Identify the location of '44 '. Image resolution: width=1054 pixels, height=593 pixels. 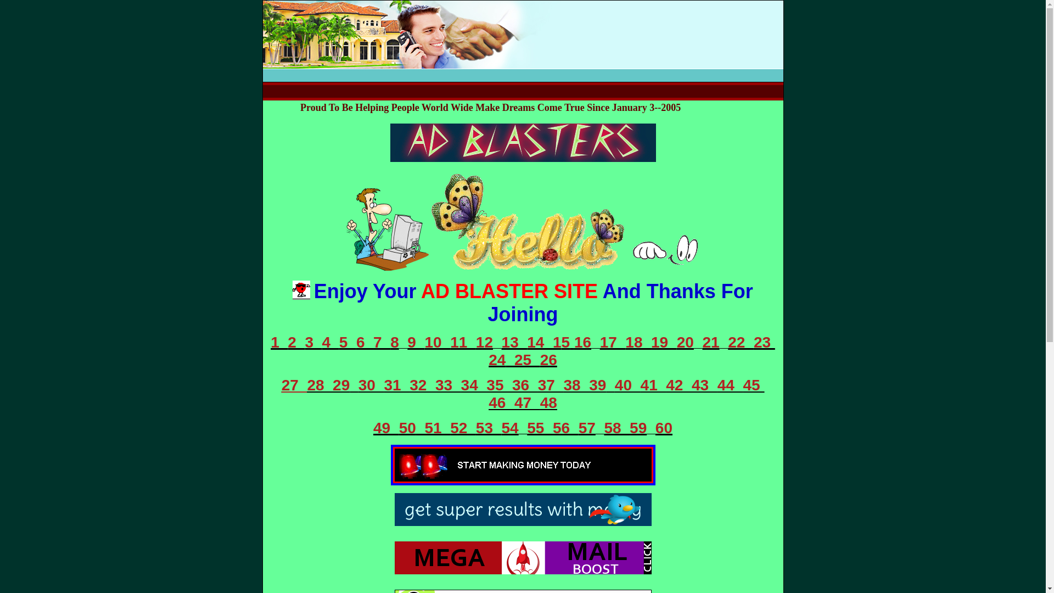
(730, 384).